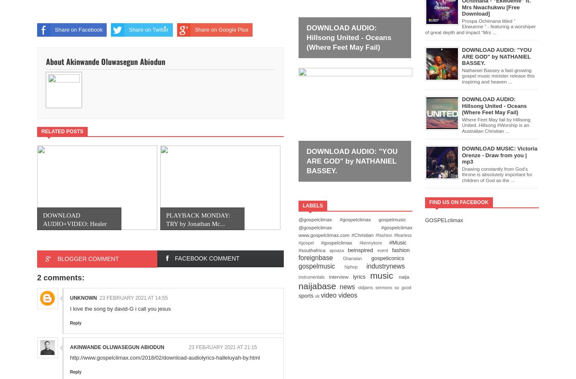 This screenshot has height=379, width=576. I want to click on 'sports', so click(307, 295).